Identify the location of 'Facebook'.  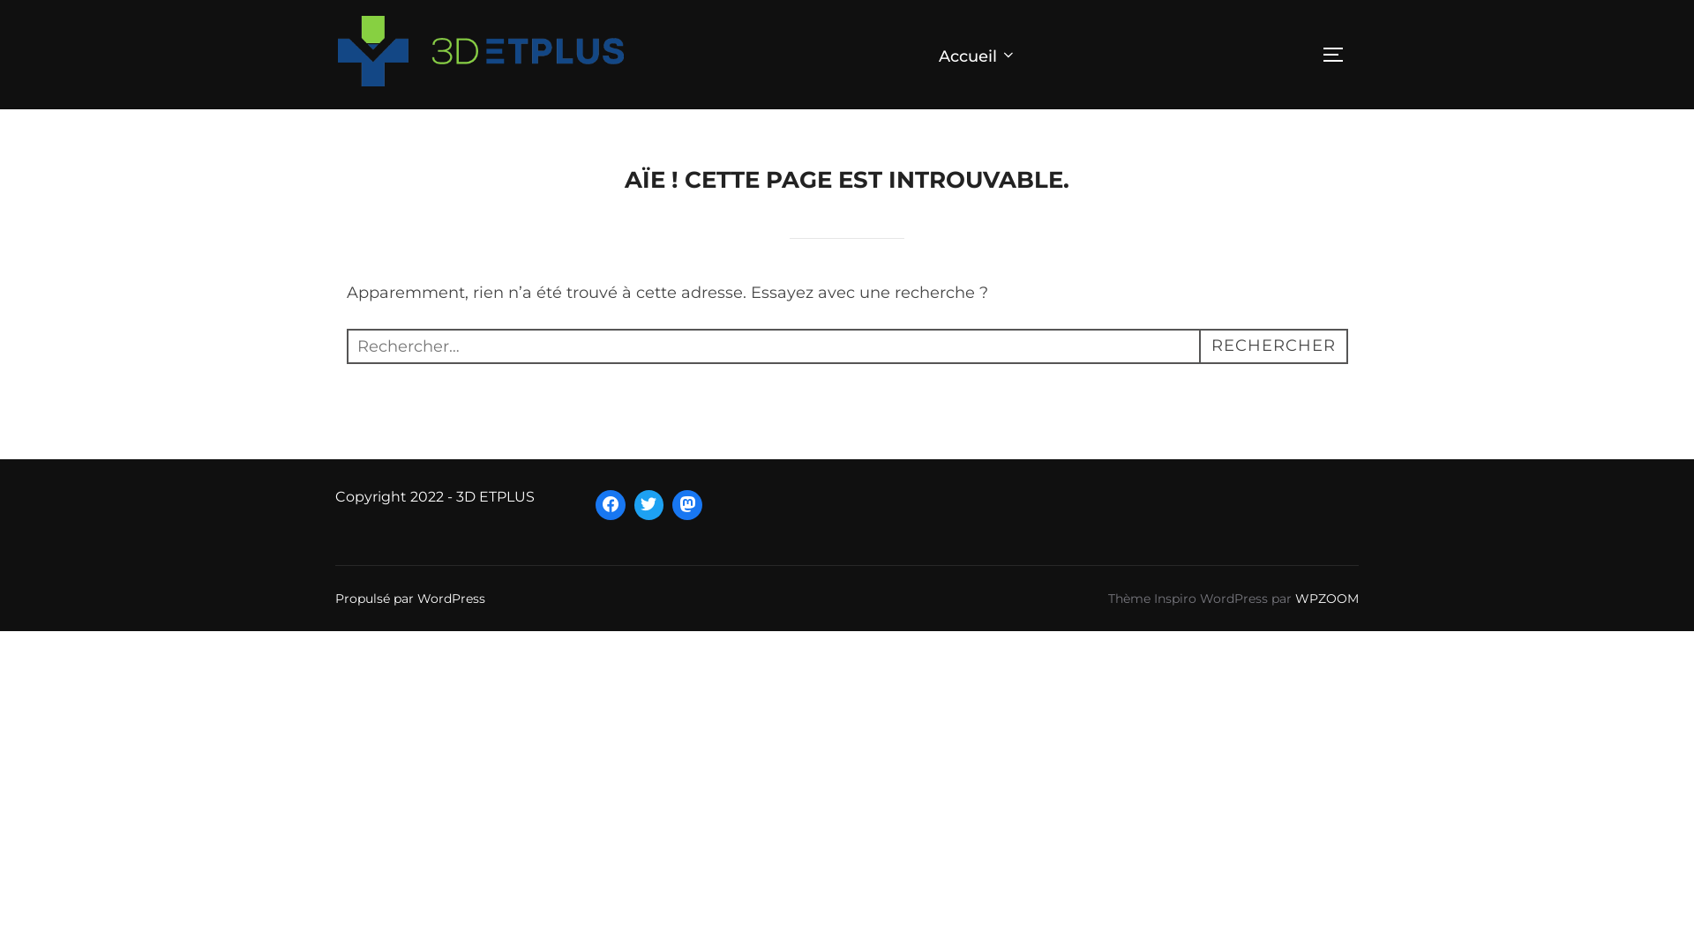
(591, 505).